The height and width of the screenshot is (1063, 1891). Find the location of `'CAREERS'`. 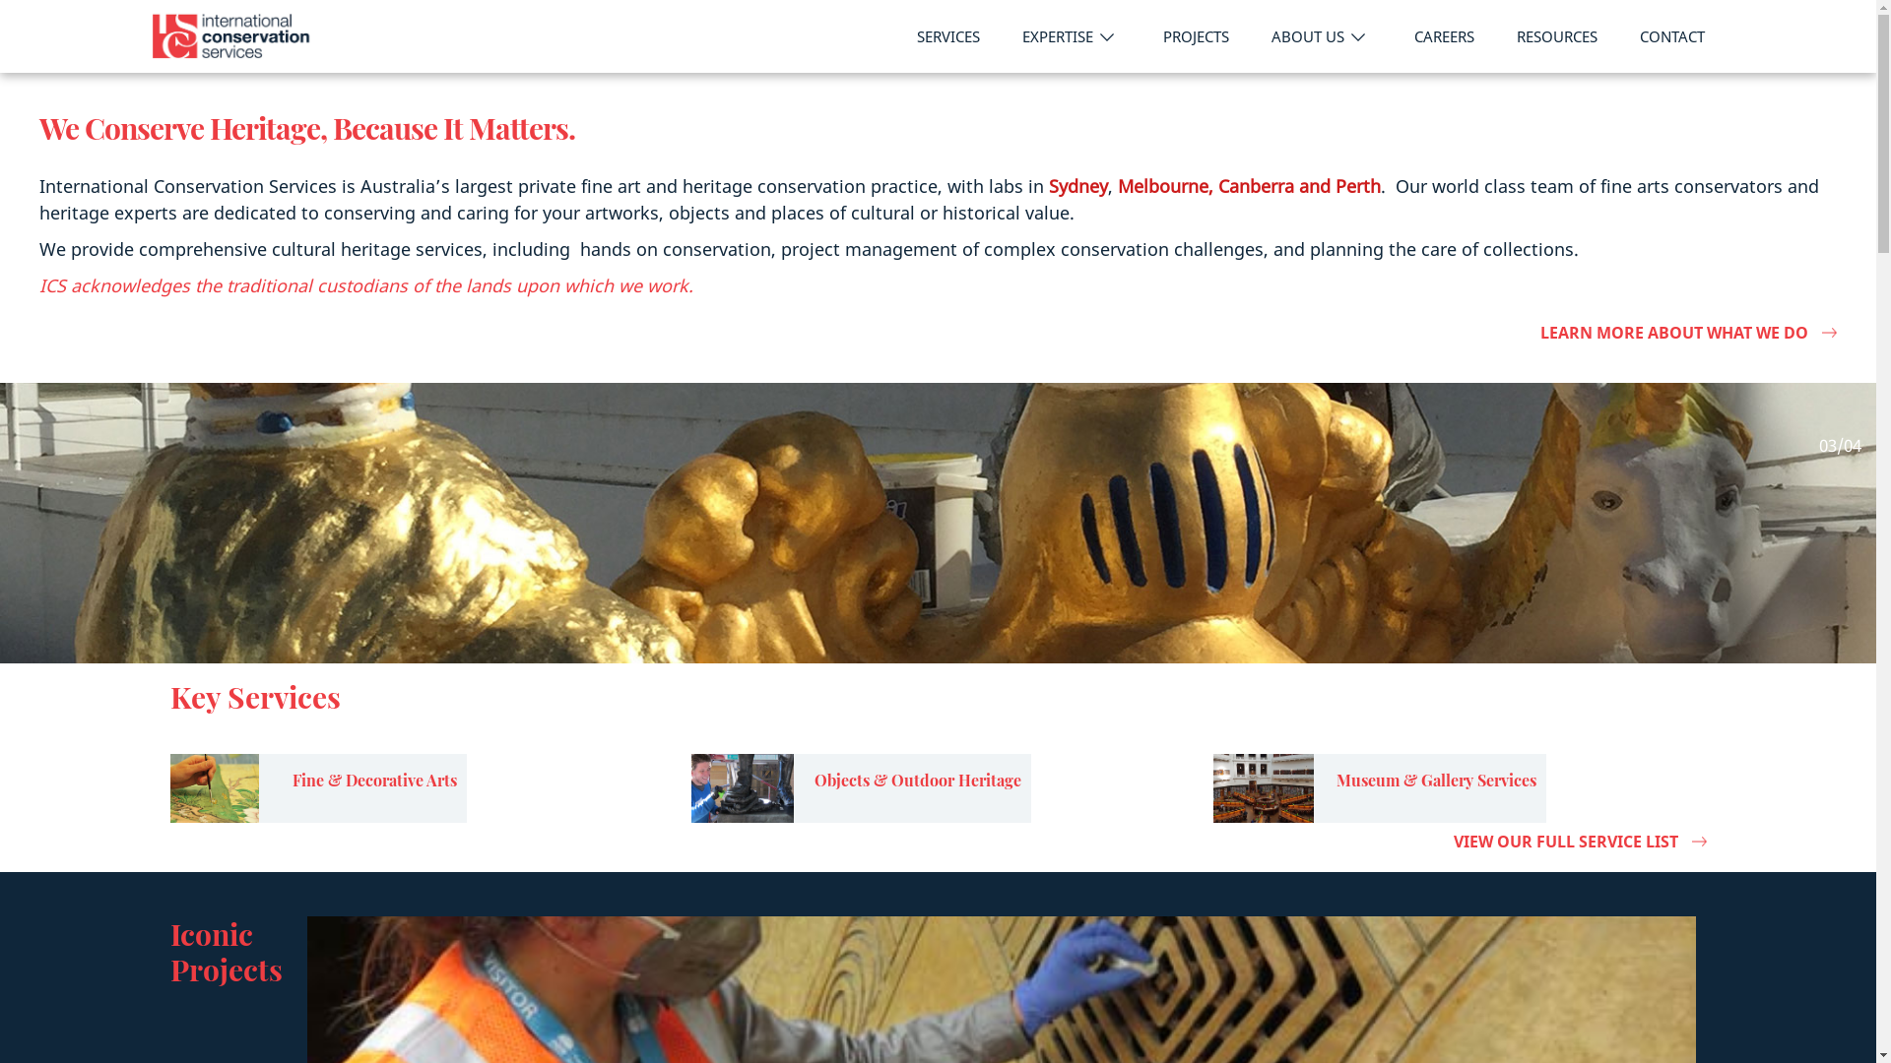

'CAREERS' is located at coordinates (1443, 36).